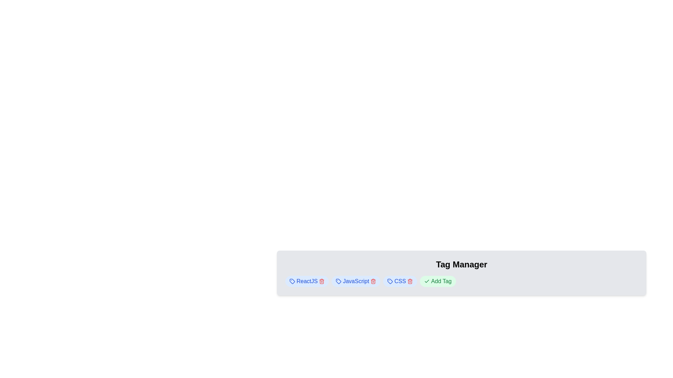 This screenshot has height=378, width=673. What do you see at coordinates (441, 281) in the screenshot?
I see `the 'Add Tag' text label displayed in green, which is part of a button-like element with a light green background, located near the bottom-right of the interface` at bounding box center [441, 281].